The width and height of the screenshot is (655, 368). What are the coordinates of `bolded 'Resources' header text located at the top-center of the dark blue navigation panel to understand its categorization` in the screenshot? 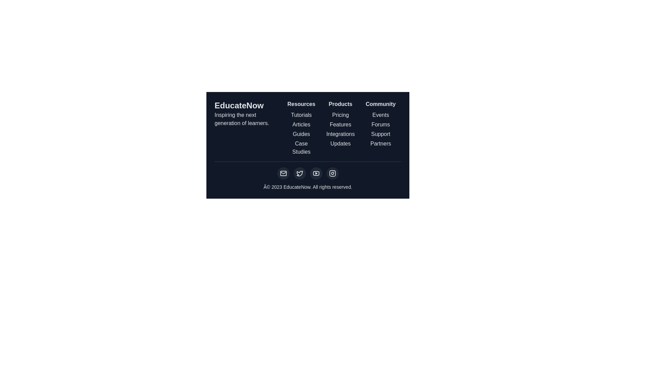 It's located at (301, 104).